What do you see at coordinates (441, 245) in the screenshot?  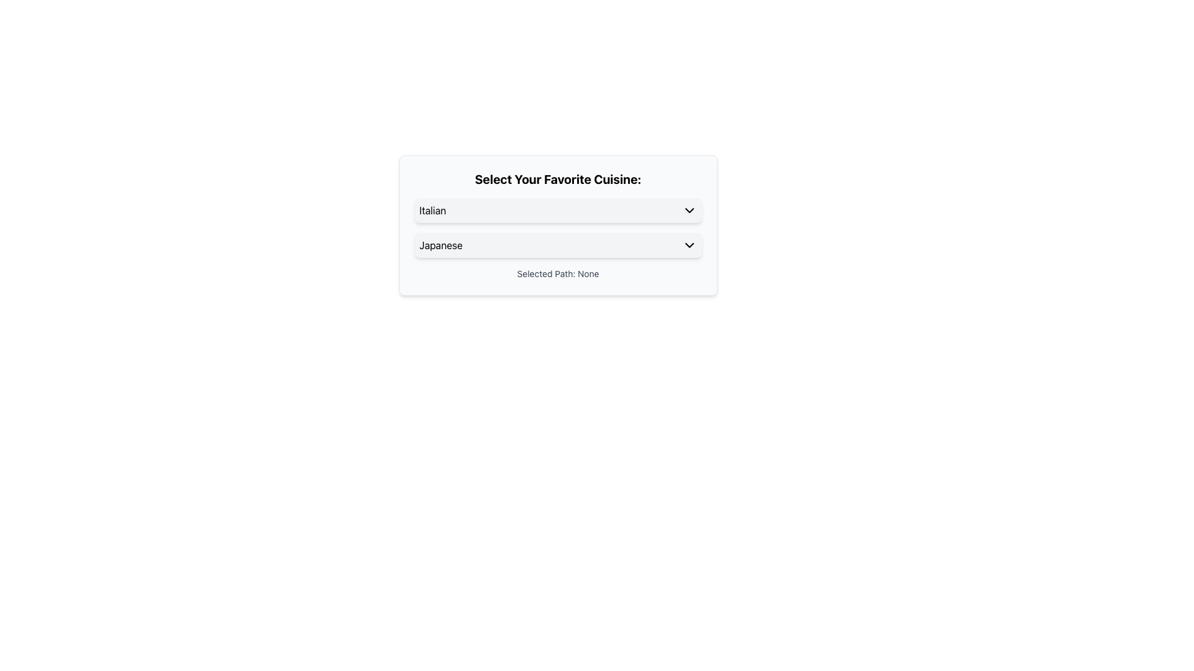 I see `the static text label indicating the selectable option 'Japanese', which is positioned below the 'Italian' label and adjacent to an arrow icon` at bounding box center [441, 245].